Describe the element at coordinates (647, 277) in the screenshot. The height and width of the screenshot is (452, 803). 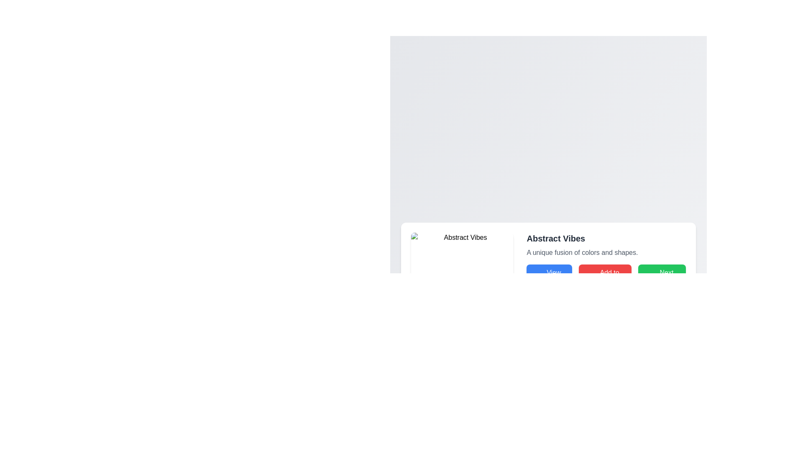
I see `the 'Next Artwork' button icon, which is styled with a green background and located to the left of the text 'Next Artwork'` at that location.